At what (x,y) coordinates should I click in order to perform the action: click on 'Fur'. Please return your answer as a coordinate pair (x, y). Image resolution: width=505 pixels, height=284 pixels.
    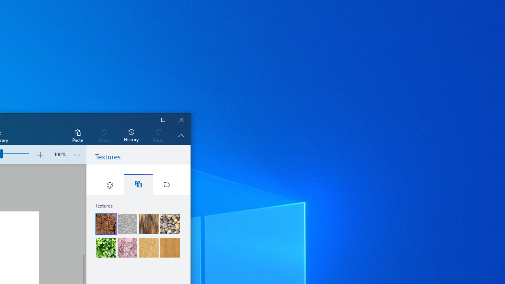
    Looking at the image, I should click on (148, 224).